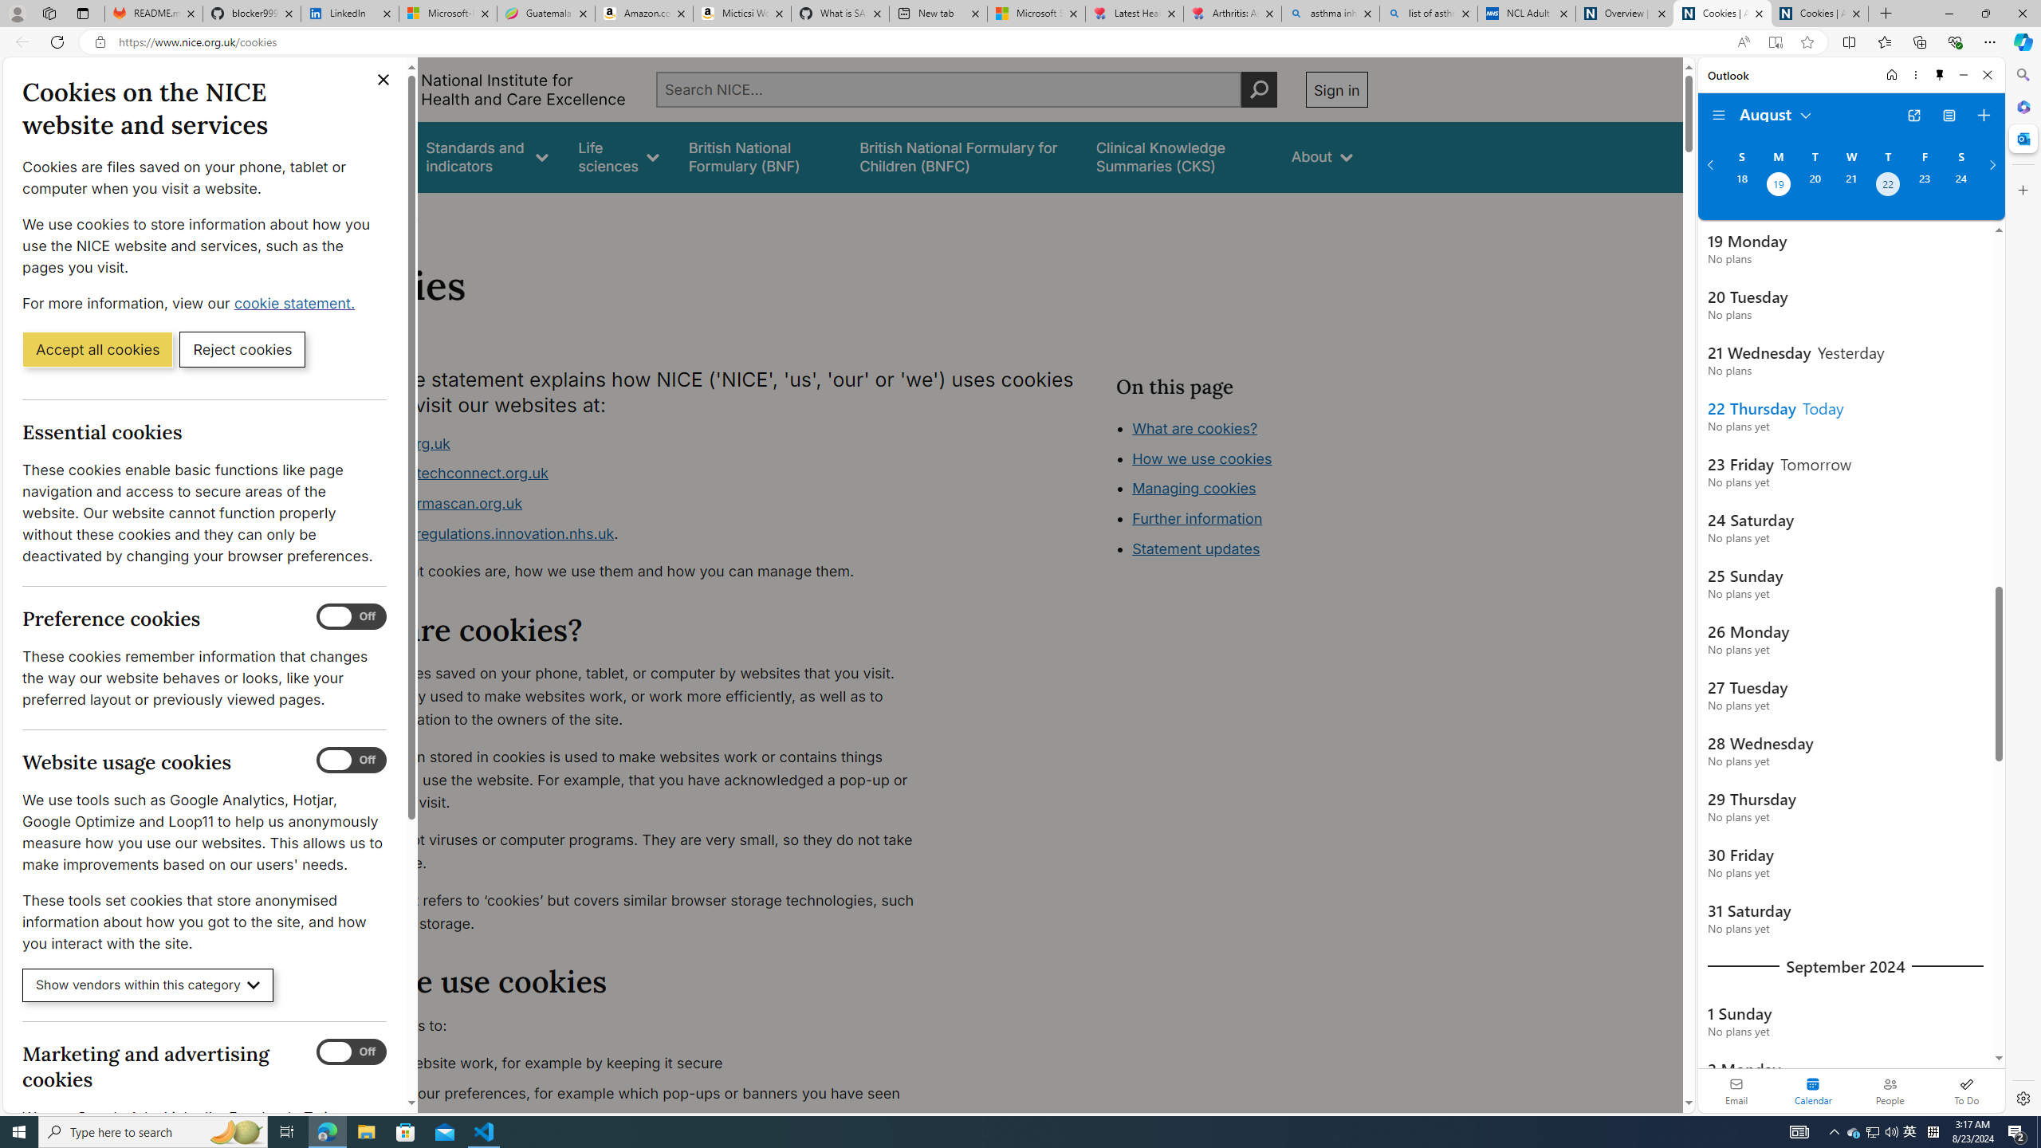  I want to click on 'Close cookie banner', so click(383, 79).